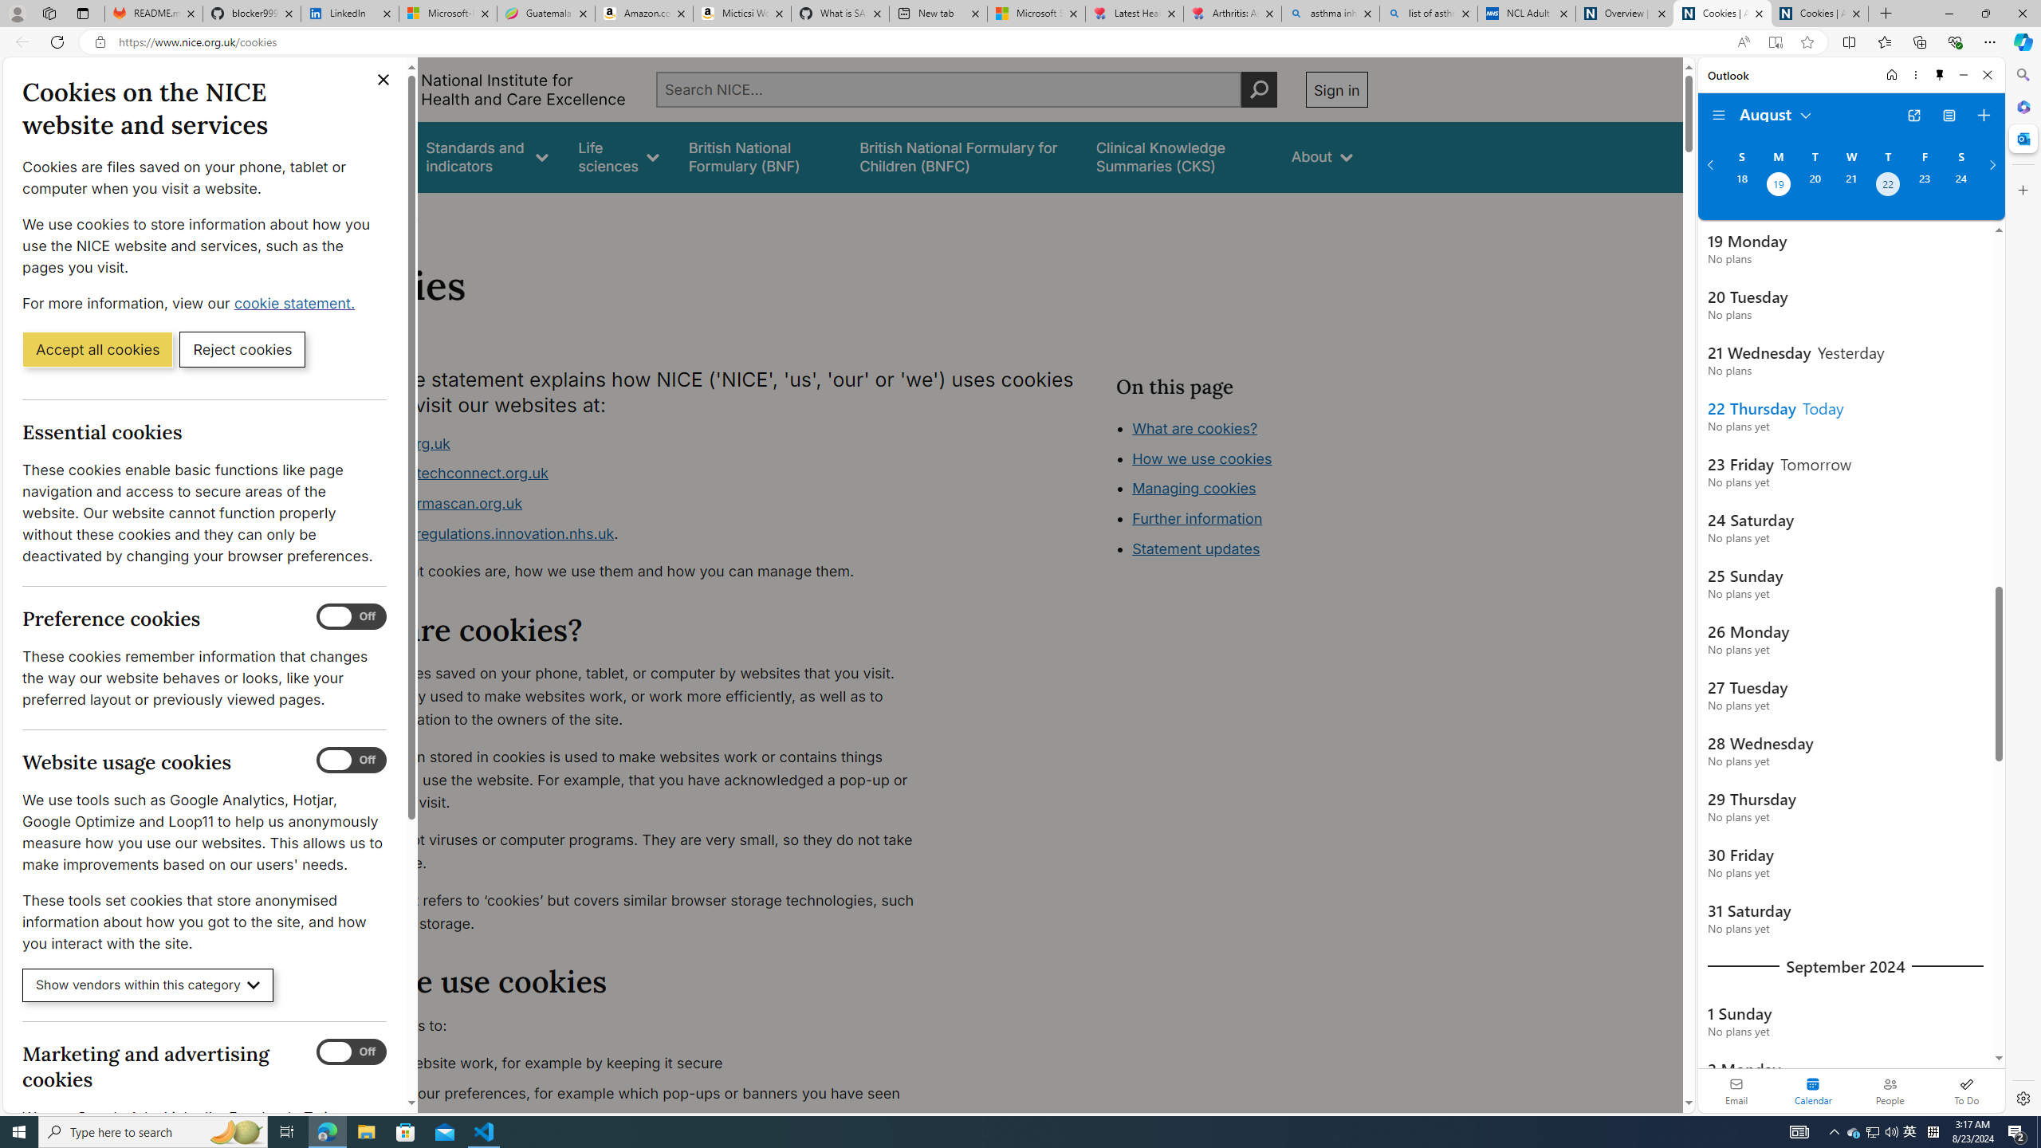  I want to click on 'Close cookie banner', so click(383, 79).